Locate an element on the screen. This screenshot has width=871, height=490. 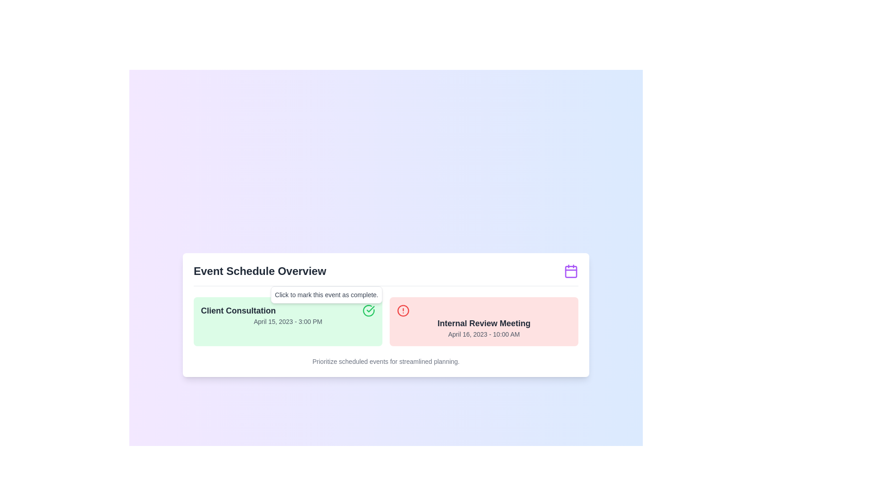
the text label displaying the date and time 'April 16, 2023 - 10:00 AM', which is styled in a smaller, muted gray font and located beneath the 'Internal Review Meeting' title in the red-bordered event card is located at coordinates (483, 334).